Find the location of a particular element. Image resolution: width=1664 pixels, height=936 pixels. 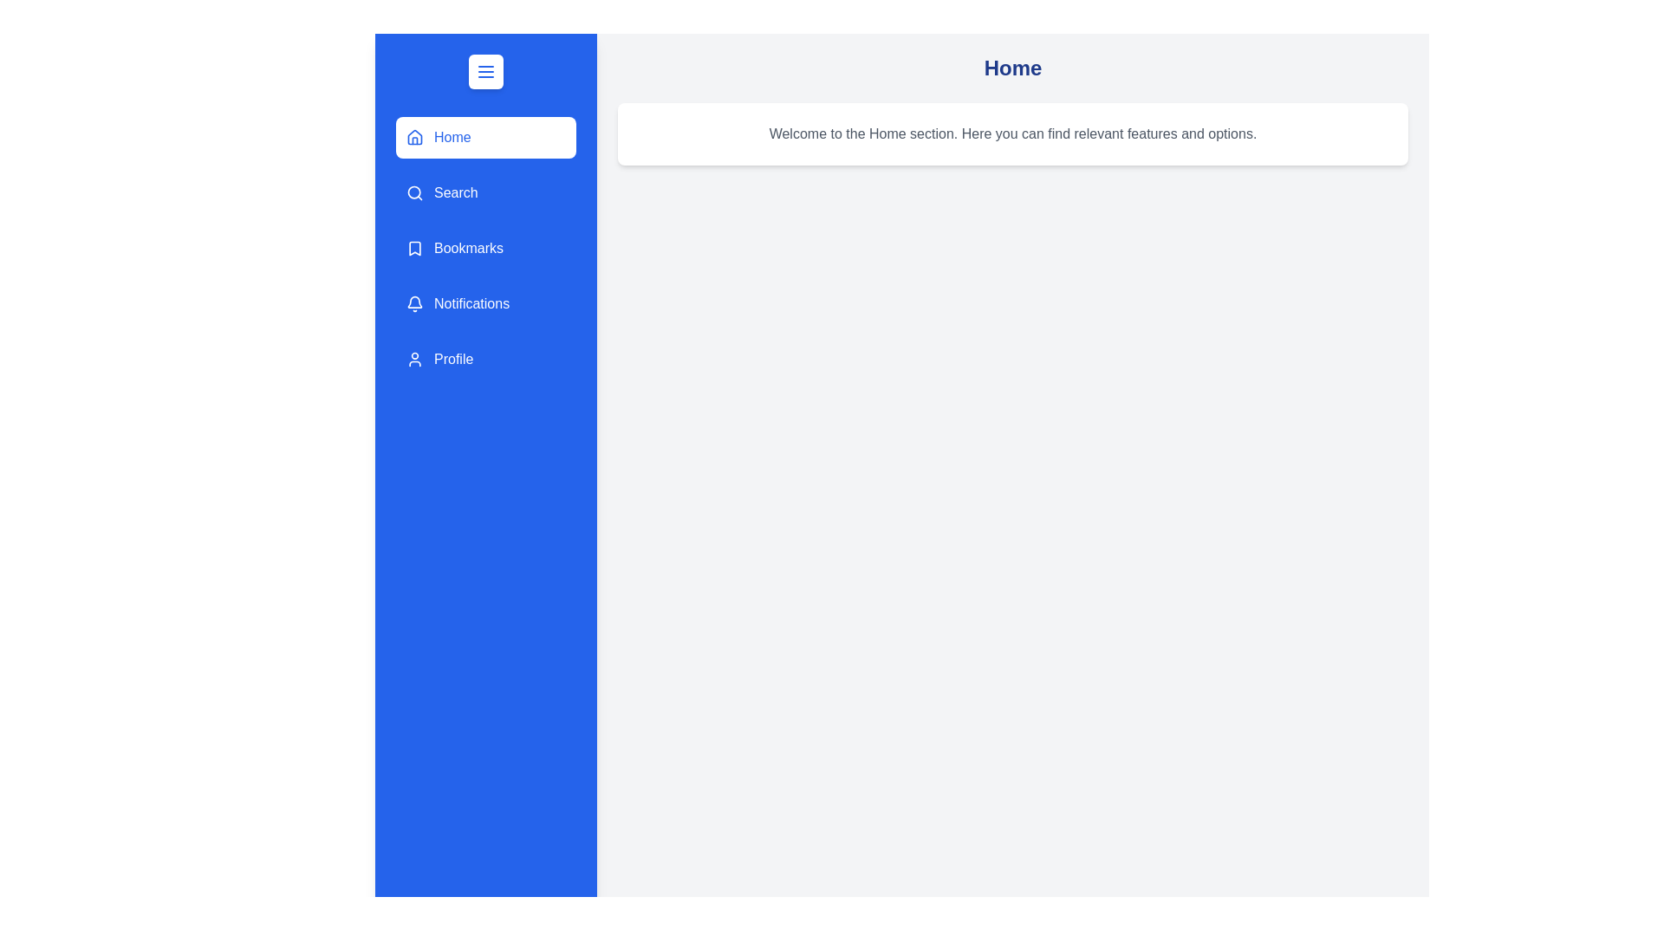

the menu item Search from the drawer is located at coordinates (485, 193).